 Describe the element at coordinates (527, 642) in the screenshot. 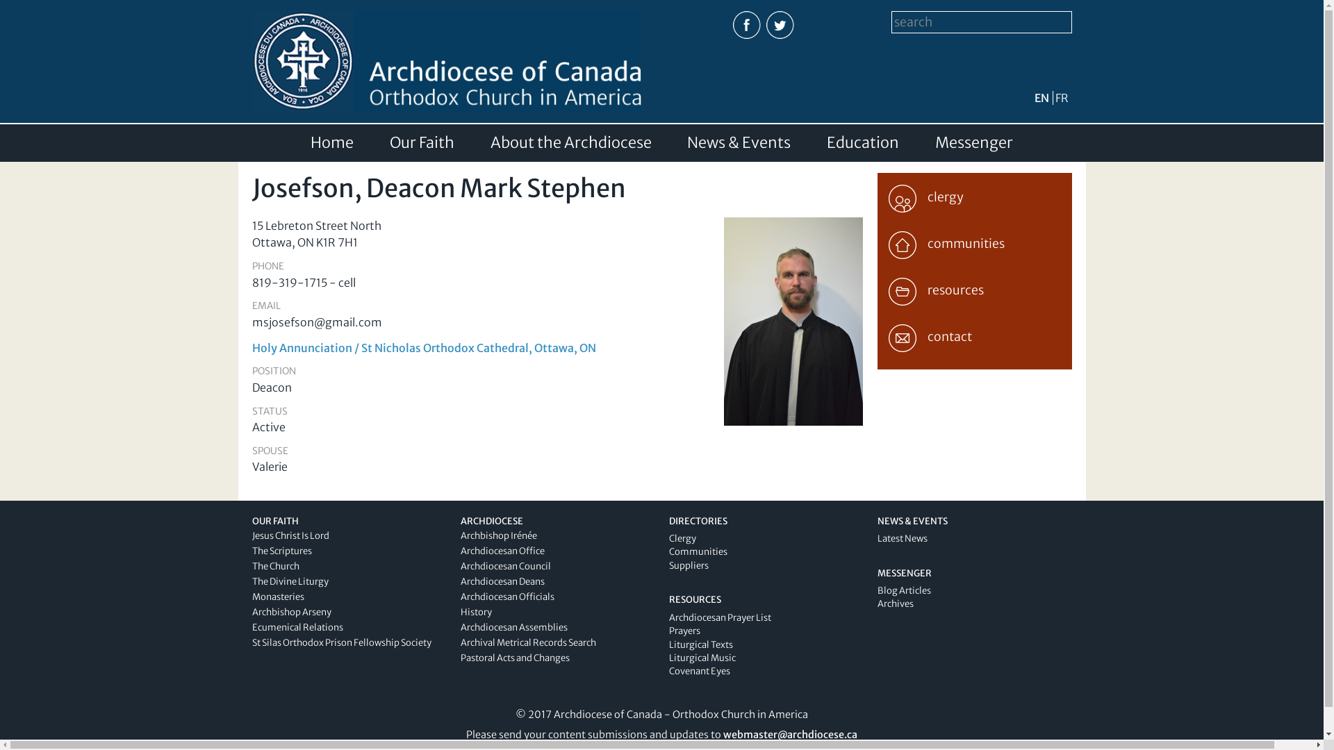

I see `'Archival Metrical Records Search'` at that location.